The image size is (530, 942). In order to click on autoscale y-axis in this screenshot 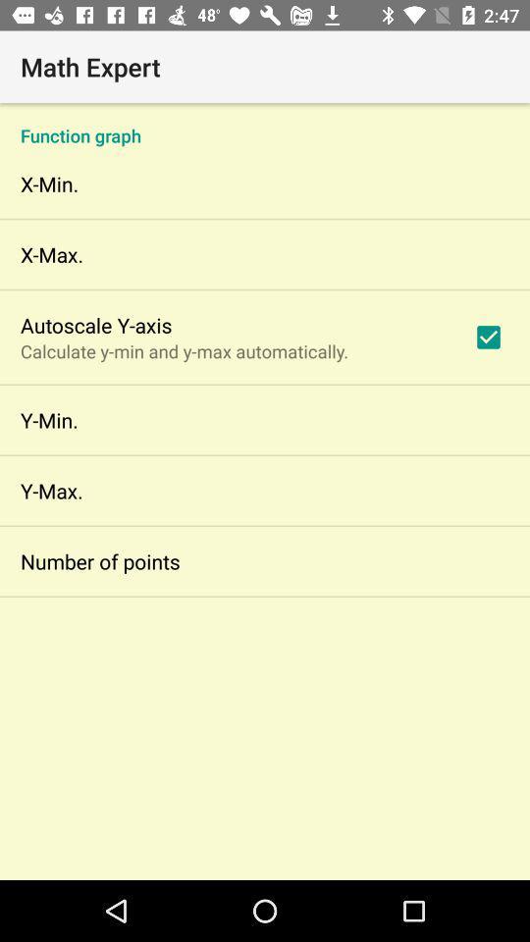, I will do `click(95, 325)`.